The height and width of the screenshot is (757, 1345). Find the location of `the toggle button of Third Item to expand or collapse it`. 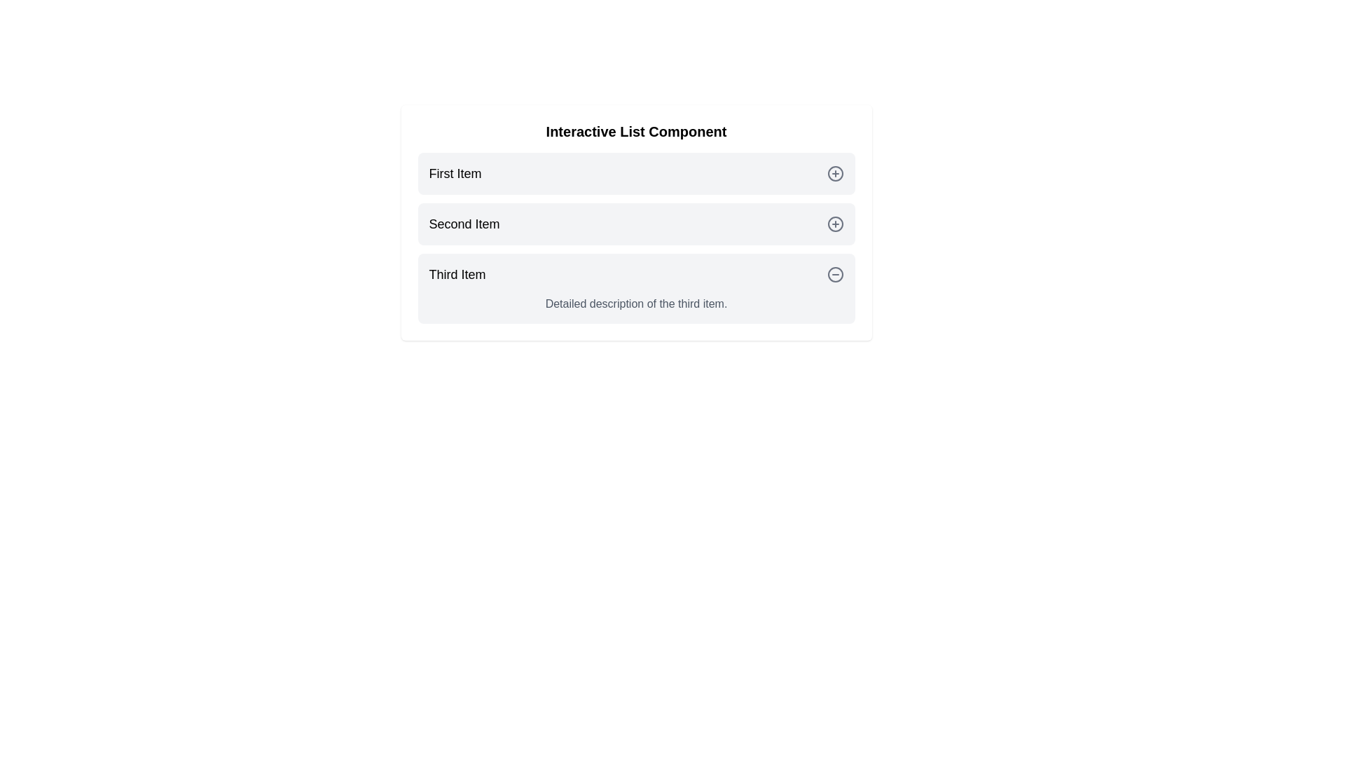

the toggle button of Third Item to expand or collapse it is located at coordinates (835, 275).